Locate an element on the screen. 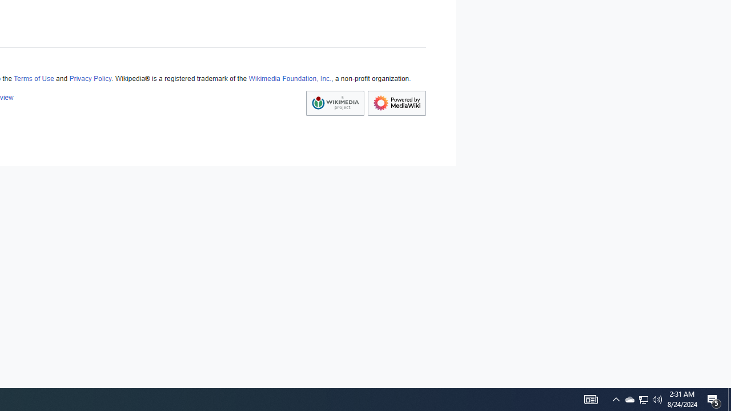  'AutomationID: footer-poweredbyico' is located at coordinates (397, 103).